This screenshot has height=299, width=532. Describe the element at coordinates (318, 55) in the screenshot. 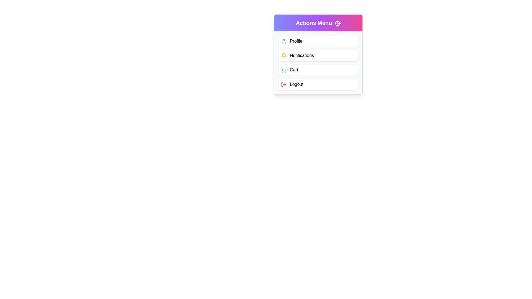

I see `the menu item Notifications to observe its hover effect` at that location.